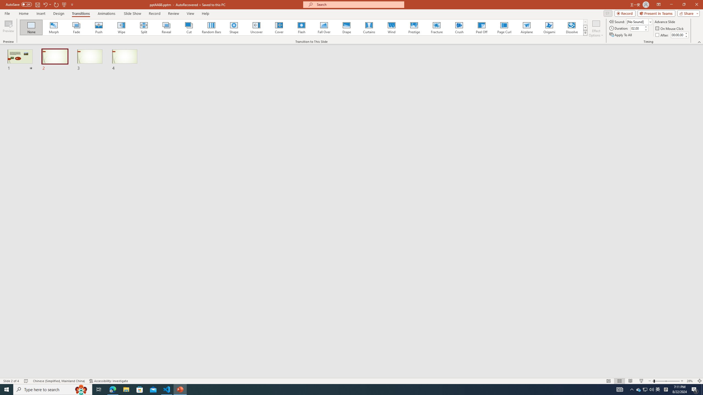  What do you see at coordinates (391, 27) in the screenshot?
I see `'Wind'` at bounding box center [391, 27].